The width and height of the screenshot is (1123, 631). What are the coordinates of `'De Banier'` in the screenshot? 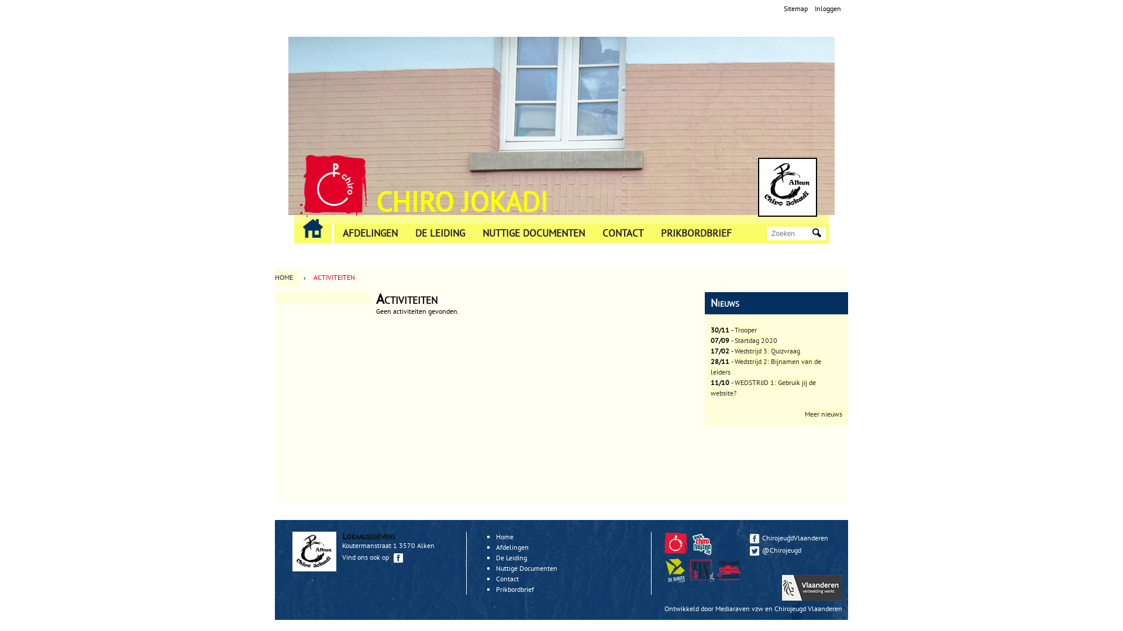 It's located at (676, 580).